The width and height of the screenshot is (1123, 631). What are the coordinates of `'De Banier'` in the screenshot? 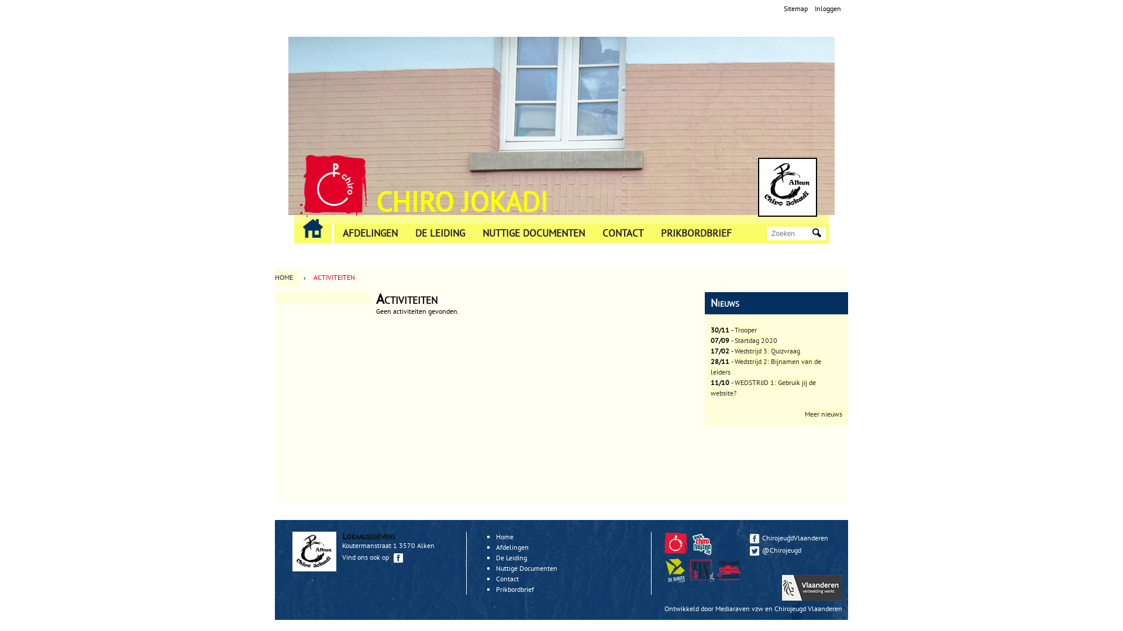 It's located at (676, 580).